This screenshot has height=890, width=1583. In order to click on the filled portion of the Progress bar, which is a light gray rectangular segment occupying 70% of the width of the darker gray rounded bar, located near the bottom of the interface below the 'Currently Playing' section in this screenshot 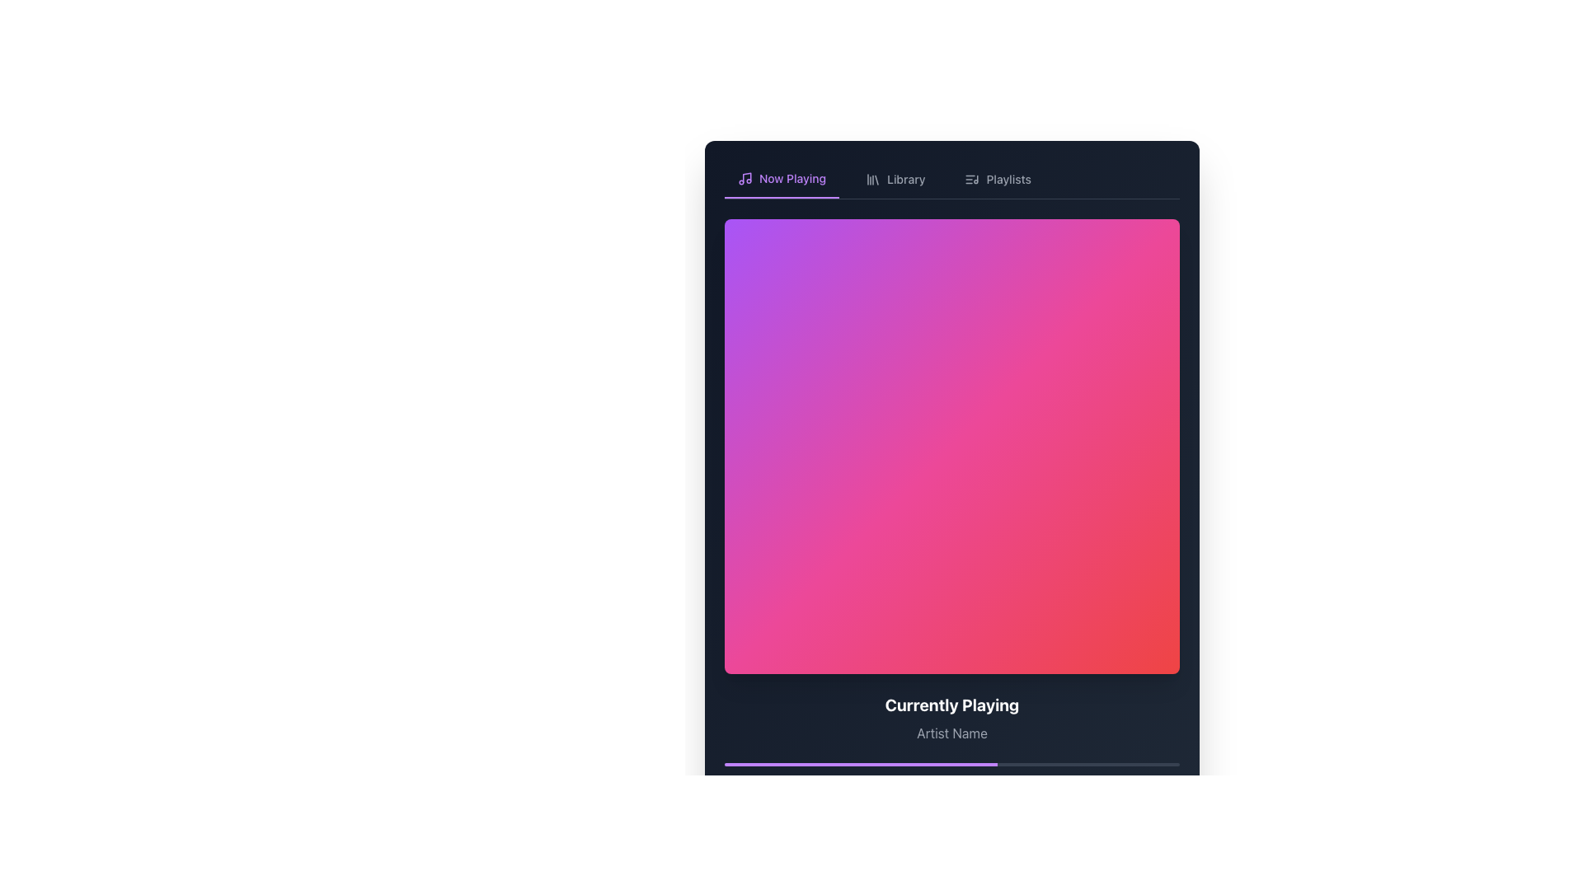, I will do `click(898, 876)`.